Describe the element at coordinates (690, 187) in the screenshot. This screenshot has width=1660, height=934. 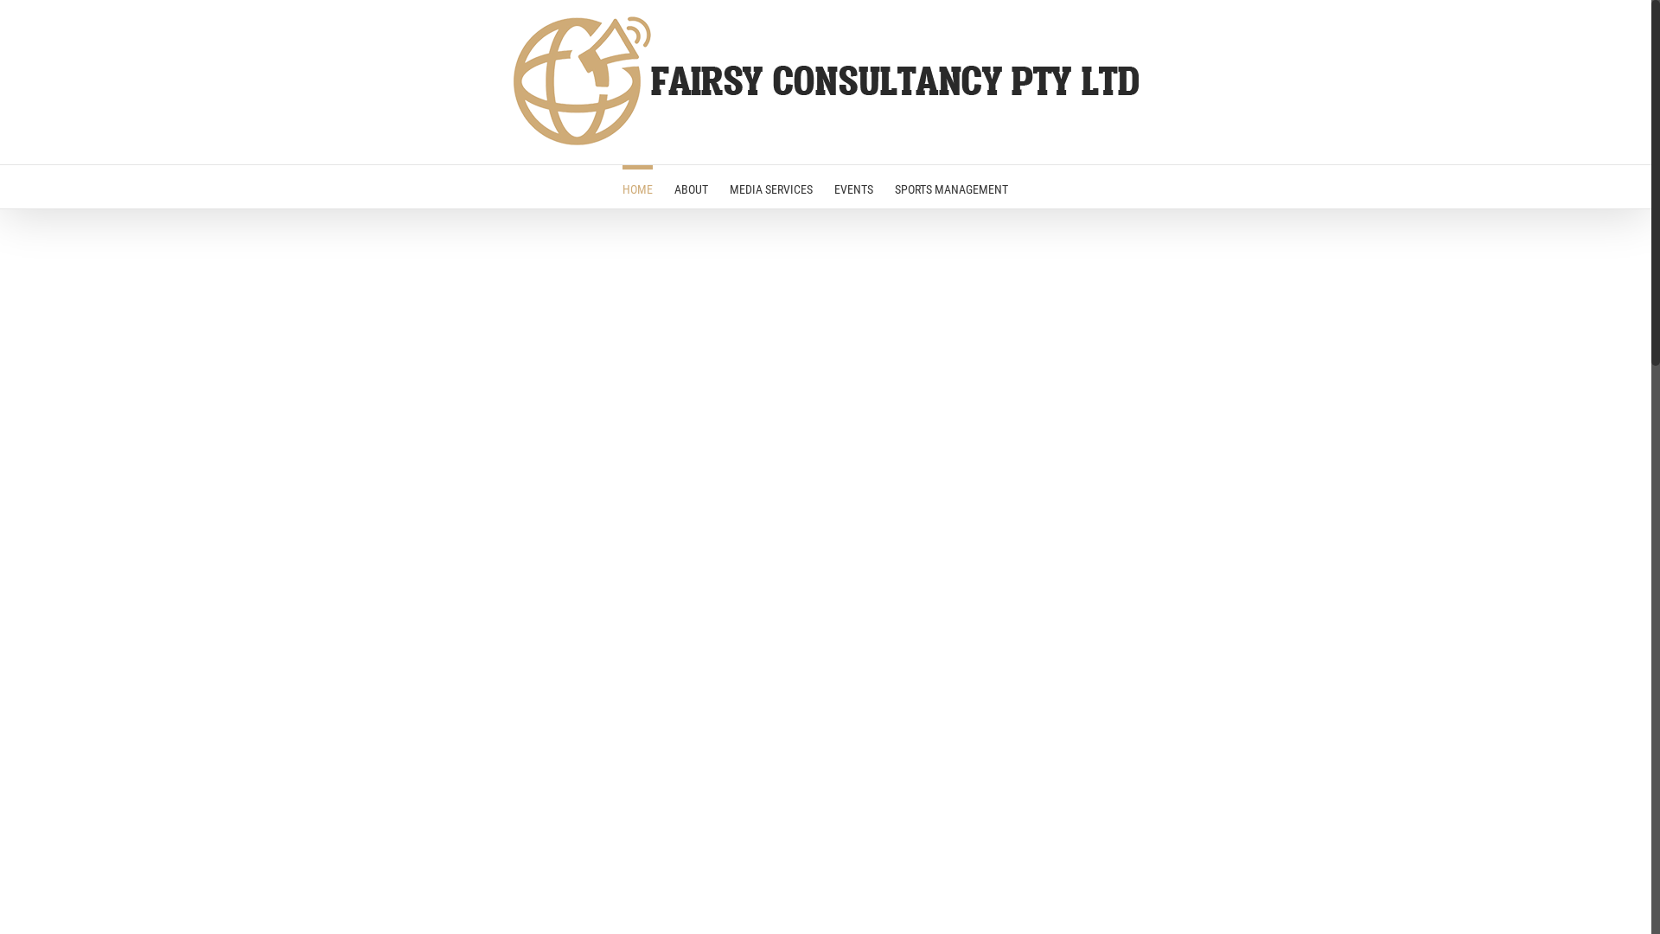
I see `'ABOUT'` at that location.